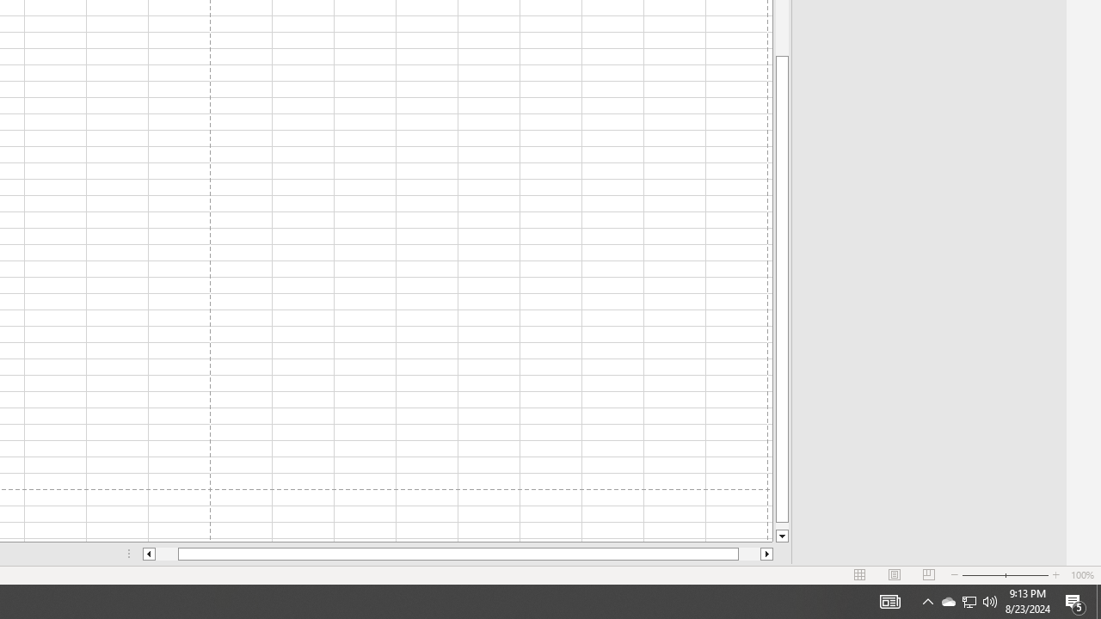 The height and width of the screenshot is (619, 1101). Describe the element at coordinates (895, 575) in the screenshot. I see `'Page Layout'` at that location.